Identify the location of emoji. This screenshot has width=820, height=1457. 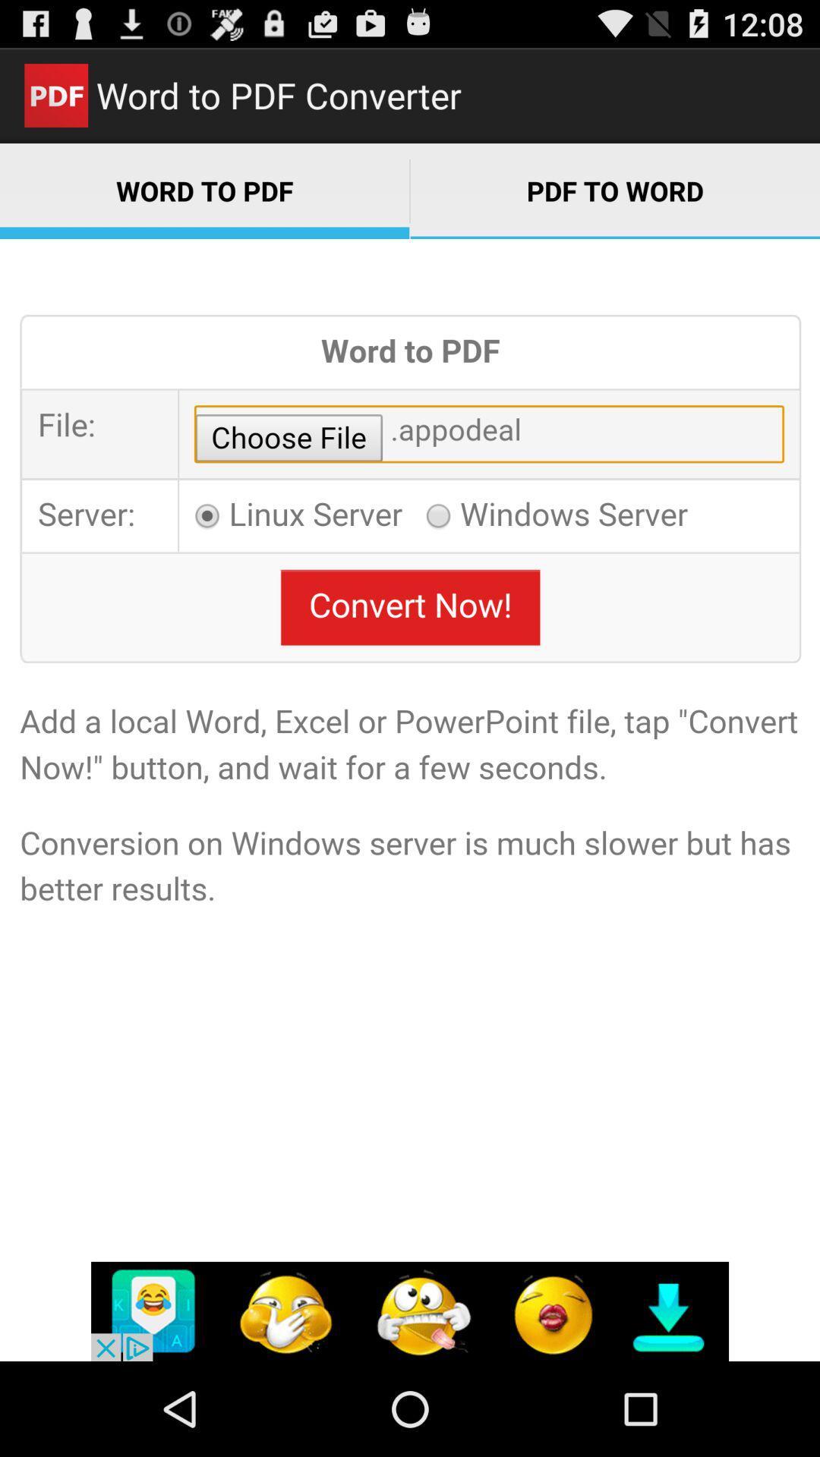
(410, 1311).